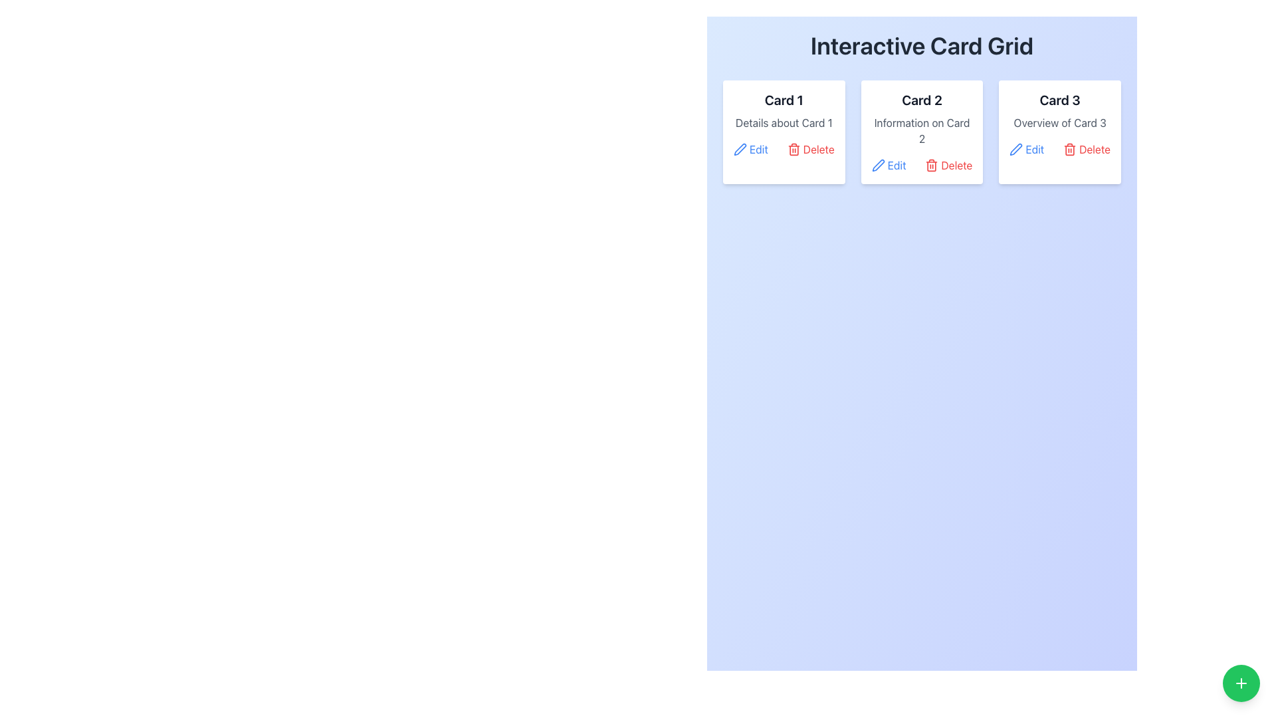 The width and height of the screenshot is (1276, 718). I want to click on the blue pen-shaped icon located to the left of the 'Edit' text in the bottom part of 'Card 1', so click(739, 149).